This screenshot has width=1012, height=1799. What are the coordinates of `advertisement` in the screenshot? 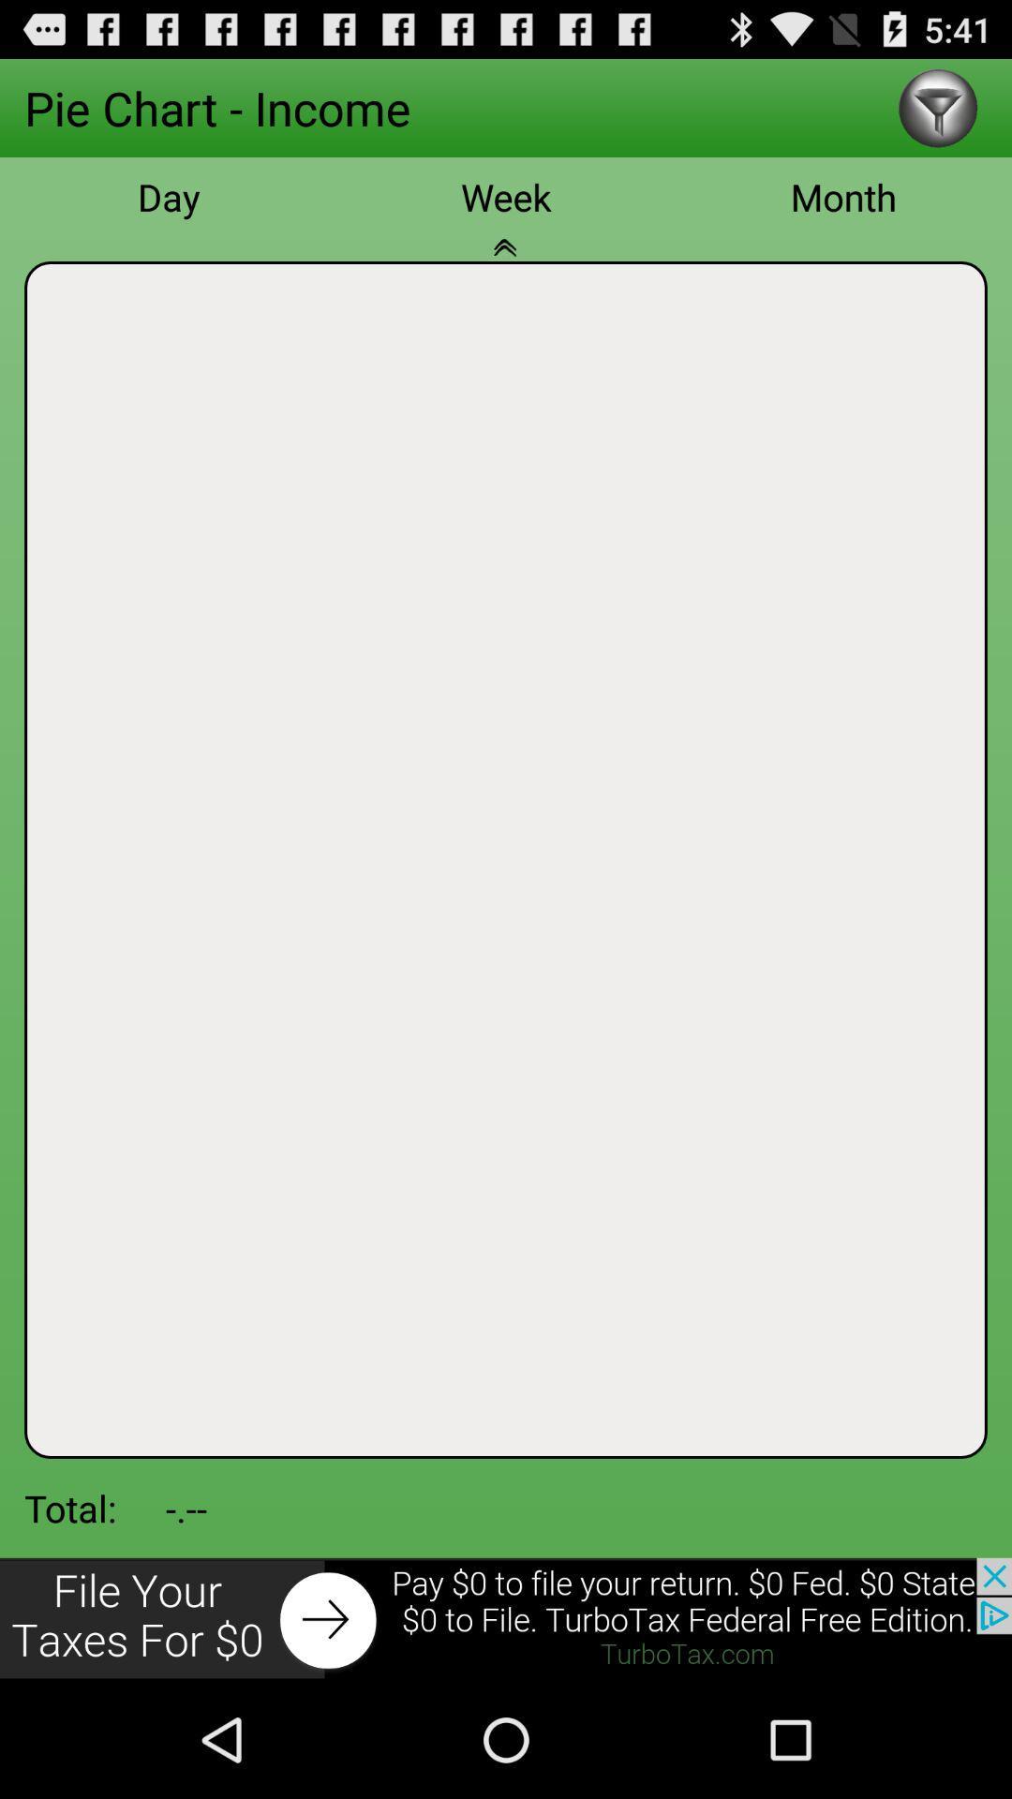 It's located at (506, 1618).